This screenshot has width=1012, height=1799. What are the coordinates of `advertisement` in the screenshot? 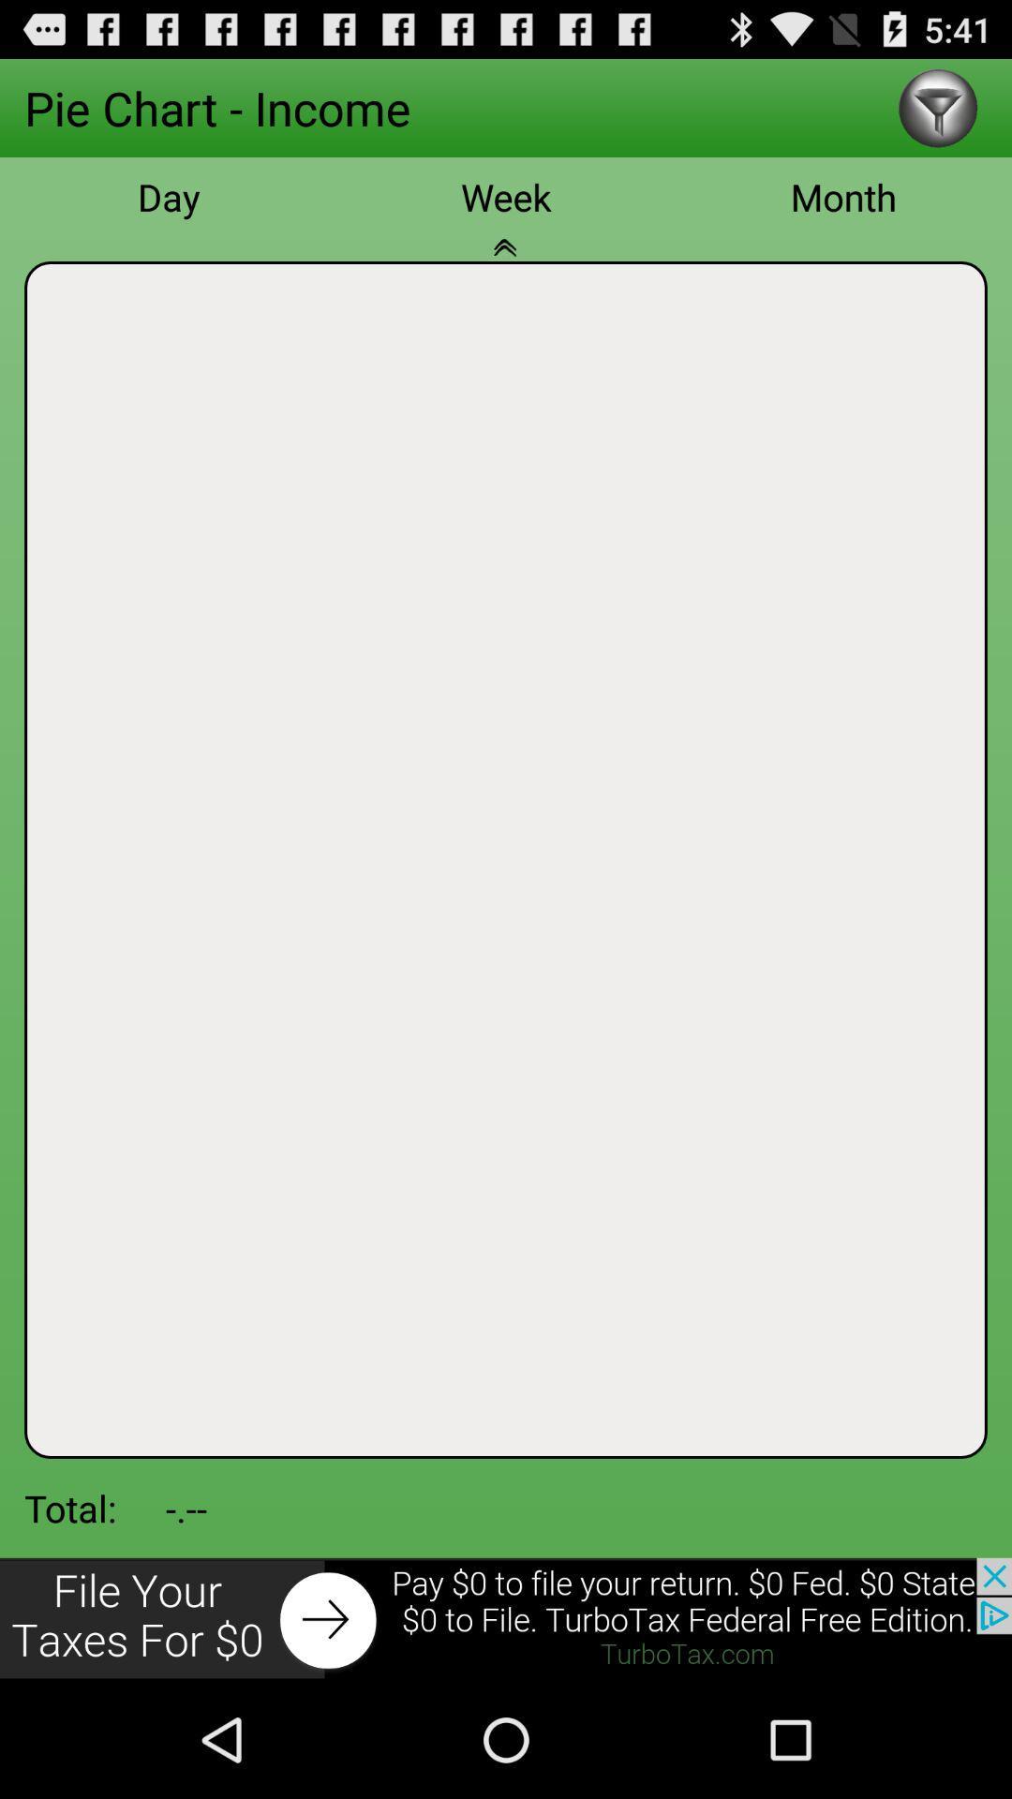 It's located at (506, 1618).